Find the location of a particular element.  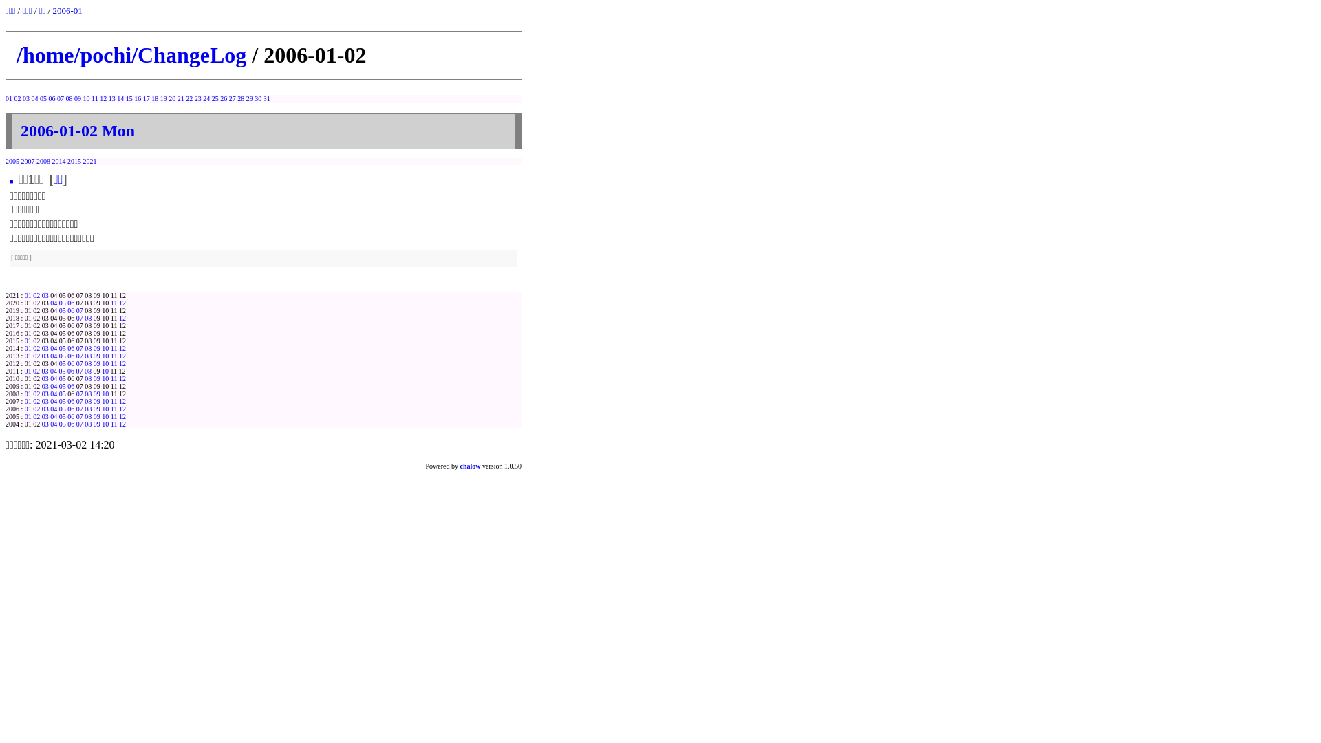

'05' is located at coordinates (62, 394).